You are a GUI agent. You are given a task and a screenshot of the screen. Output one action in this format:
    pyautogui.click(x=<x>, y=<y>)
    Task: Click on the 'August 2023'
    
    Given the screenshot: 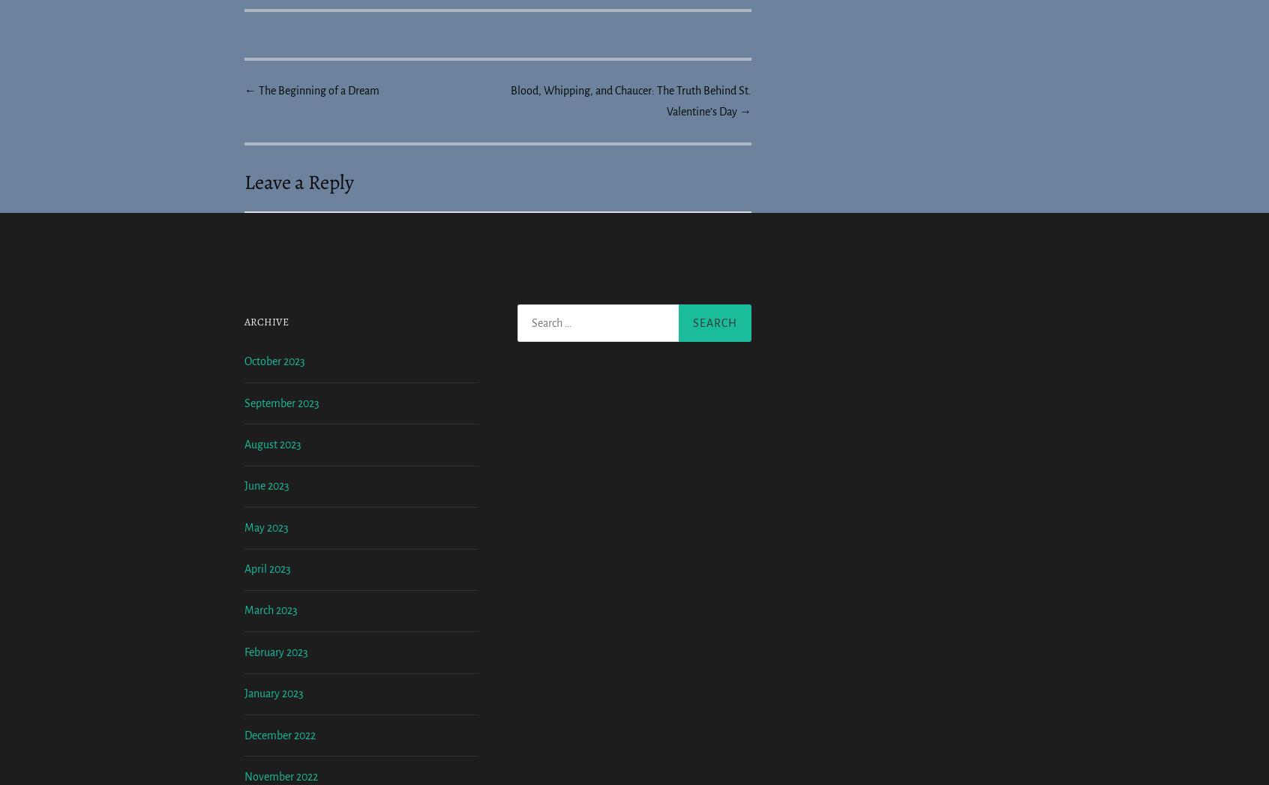 What is the action you would take?
    pyautogui.click(x=244, y=568)
    